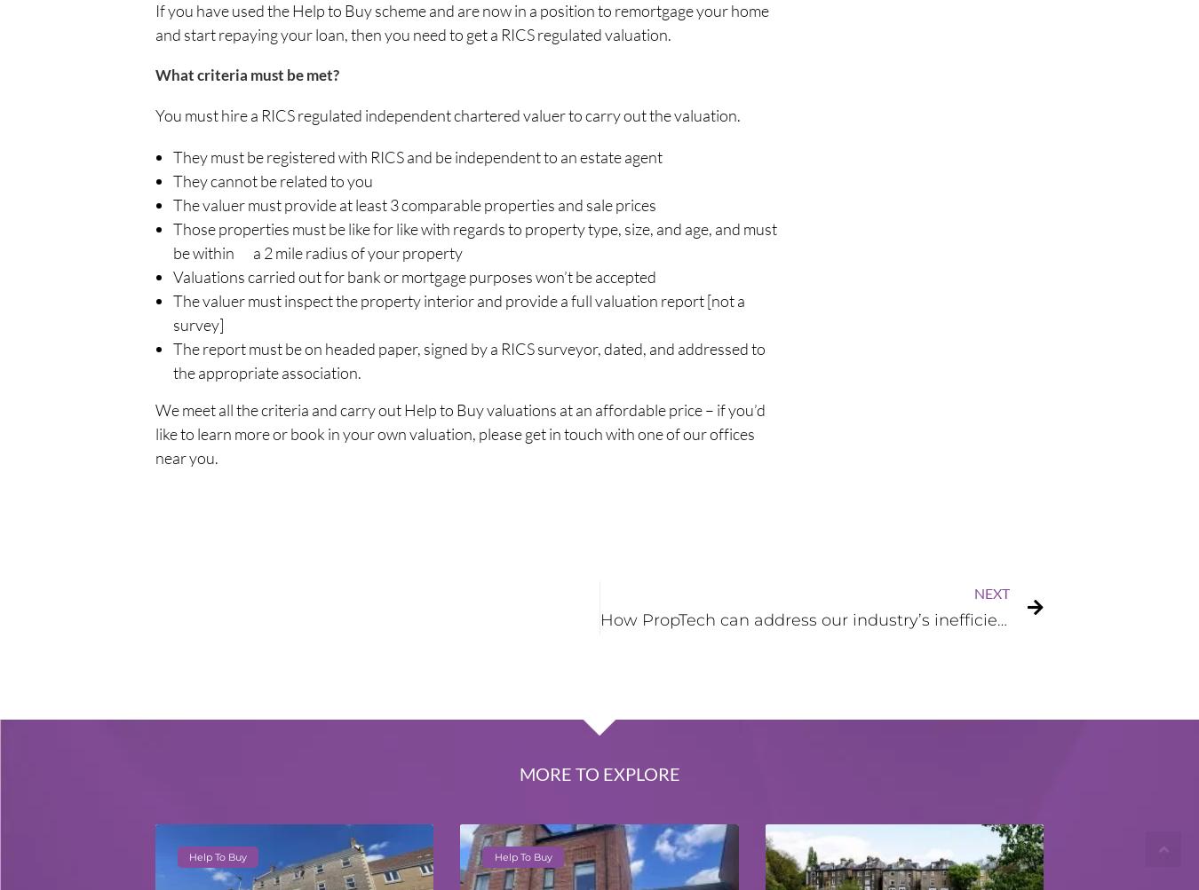 The width and height of the screenshot is (1199, 890). Describe the element at coordinates (461, 21) in the screenshot. I see `'If you have used the Help to Buy scheme and are now in a position to remortgage your home and start repaying your loan, then you need to get a RICS regulated valuation.'` at that location.